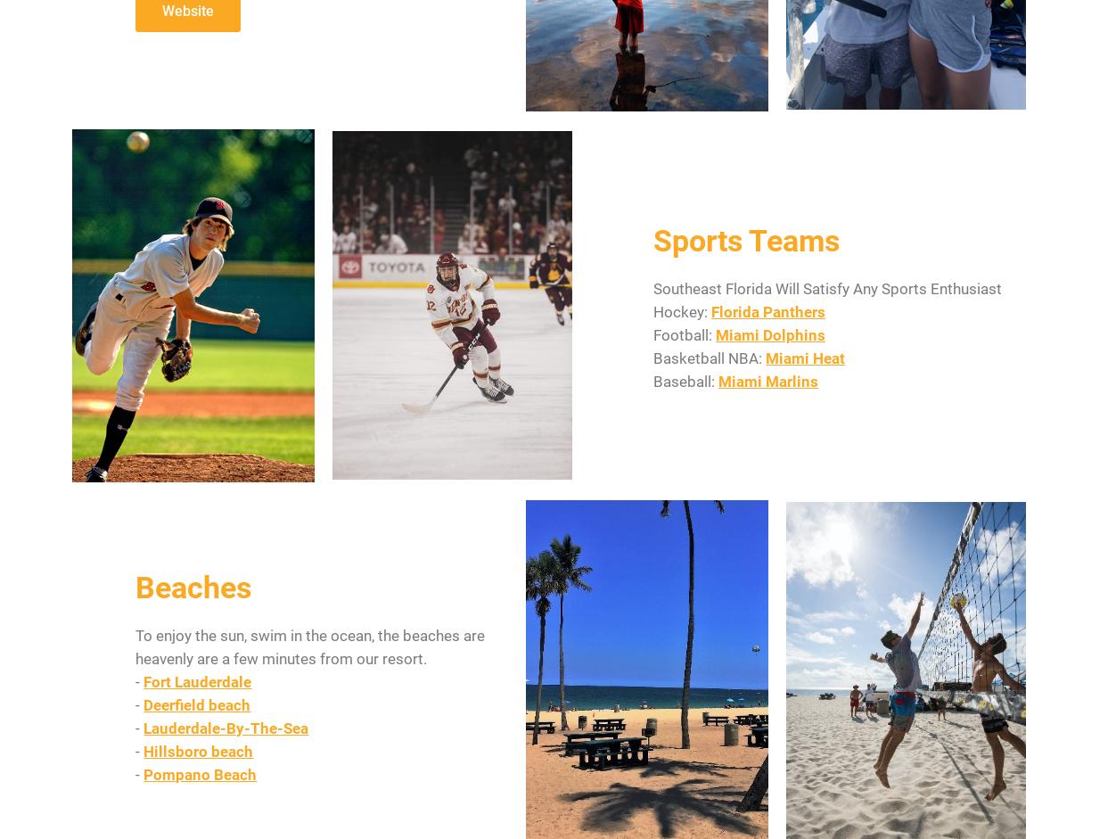 Image resolution: width=1116 pixels, height=839 pixels. I want to click on 'Website', so click(187, 11).